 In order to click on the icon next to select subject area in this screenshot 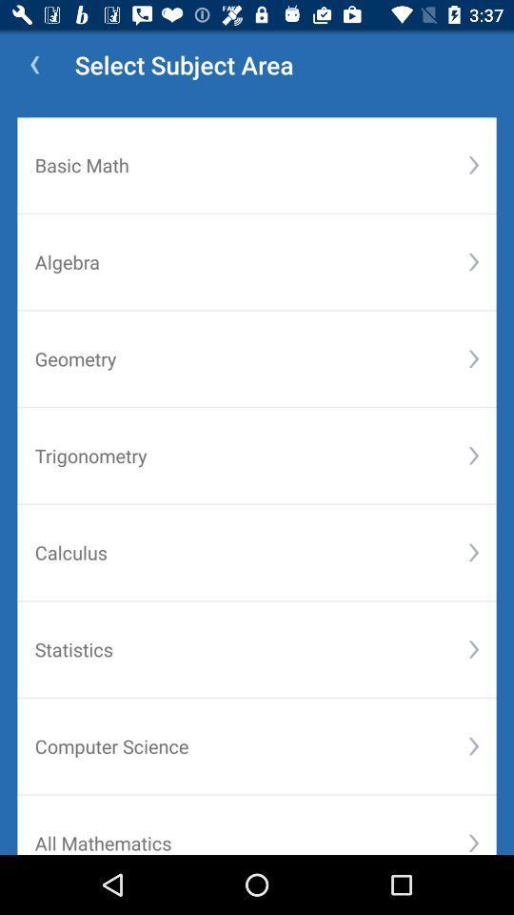, I will do `click(34, 65)`.